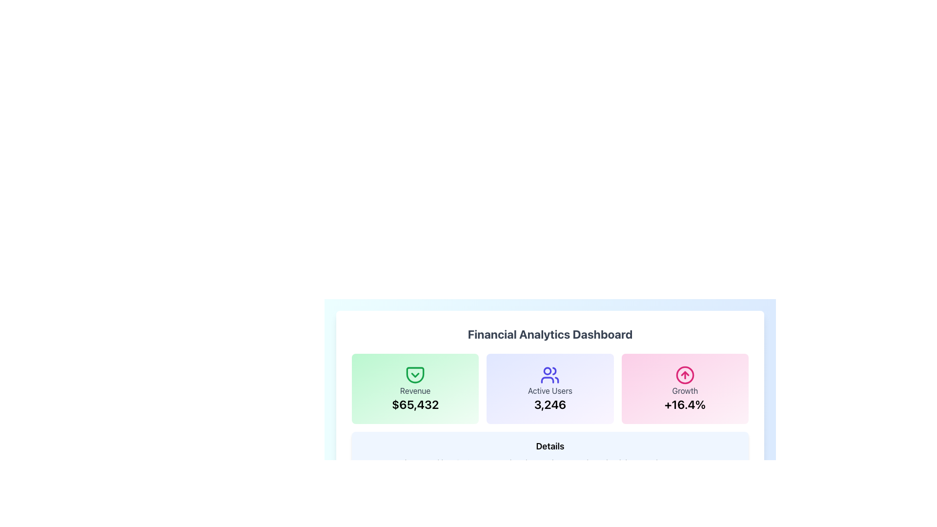 This screenshot has width=937, height=527. Describe the element at coordinates (684, 374) in the screenshot. I see `the growth icon located in the third column of the top row of the dashboard, centered above the text '+16.4%'` at that location.